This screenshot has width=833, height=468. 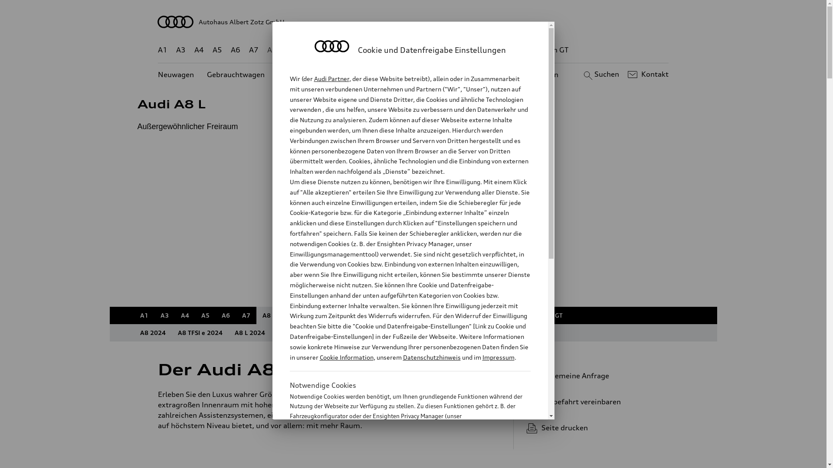 I want to click on 'g-tron', so click(x=516, y=50).